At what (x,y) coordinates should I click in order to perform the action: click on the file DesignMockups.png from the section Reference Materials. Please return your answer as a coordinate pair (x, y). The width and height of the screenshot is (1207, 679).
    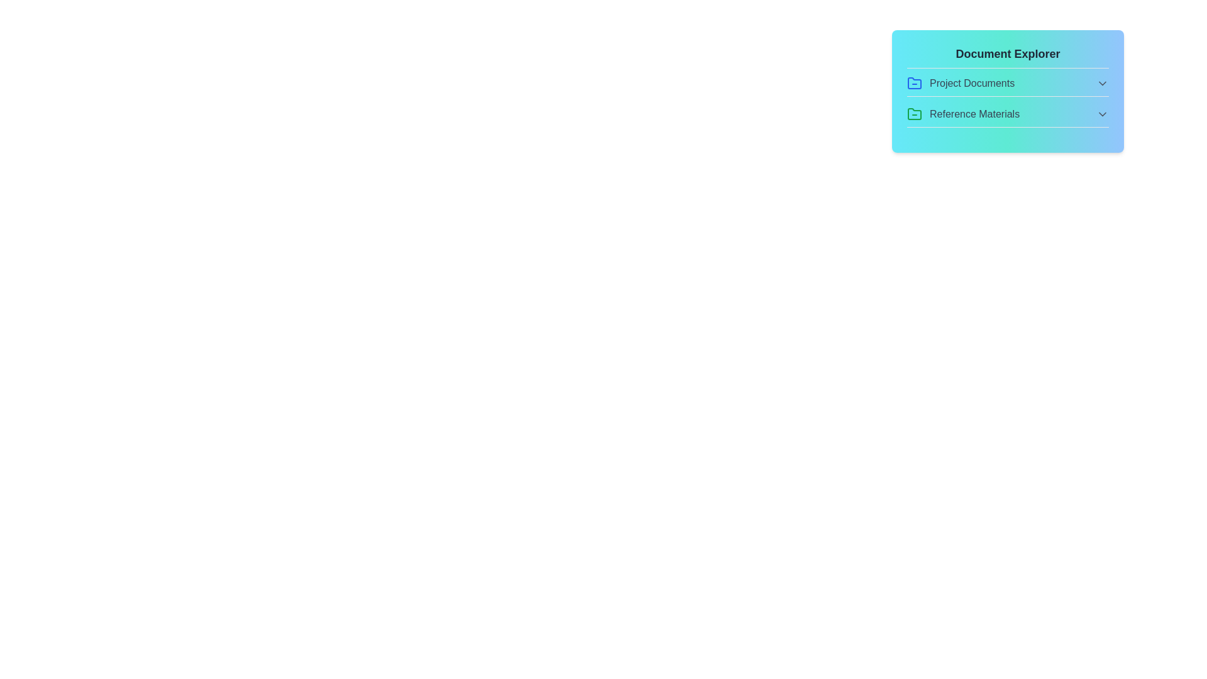
    Looking at the image, I should click on (1008, 117).